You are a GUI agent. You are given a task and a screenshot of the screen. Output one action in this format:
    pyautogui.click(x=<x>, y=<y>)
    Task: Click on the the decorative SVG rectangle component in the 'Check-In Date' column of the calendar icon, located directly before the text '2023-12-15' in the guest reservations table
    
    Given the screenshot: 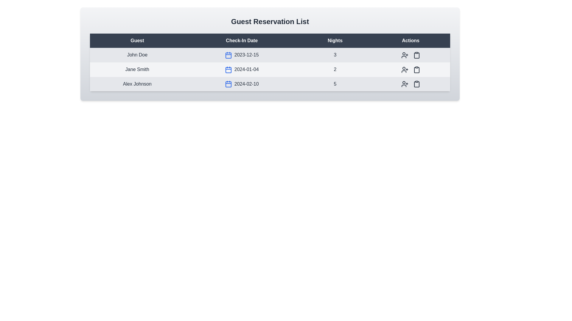 What is the action you would take?
    pyautogui.click(x=228, y=55)
    